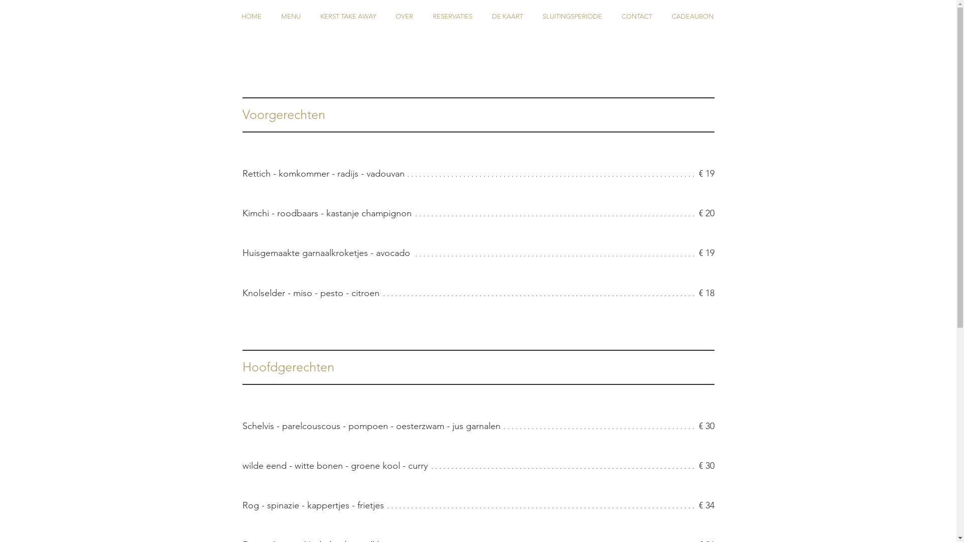 The image size is (964, 542). What do you see at coordinates (290, 16) in the screenshot?
I see `'MENU'` at bounding box center [290, 16].